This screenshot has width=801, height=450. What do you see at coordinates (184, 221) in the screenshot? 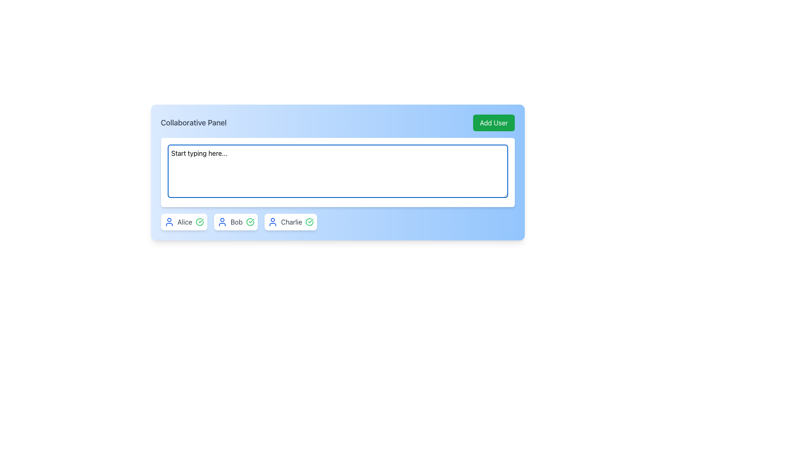
I see `the user selection button labeled 'Alice', which is the first component in a row and features a blue user profile icon on the left and a green checkmark icon on the right` at bounding box center [184, 221].